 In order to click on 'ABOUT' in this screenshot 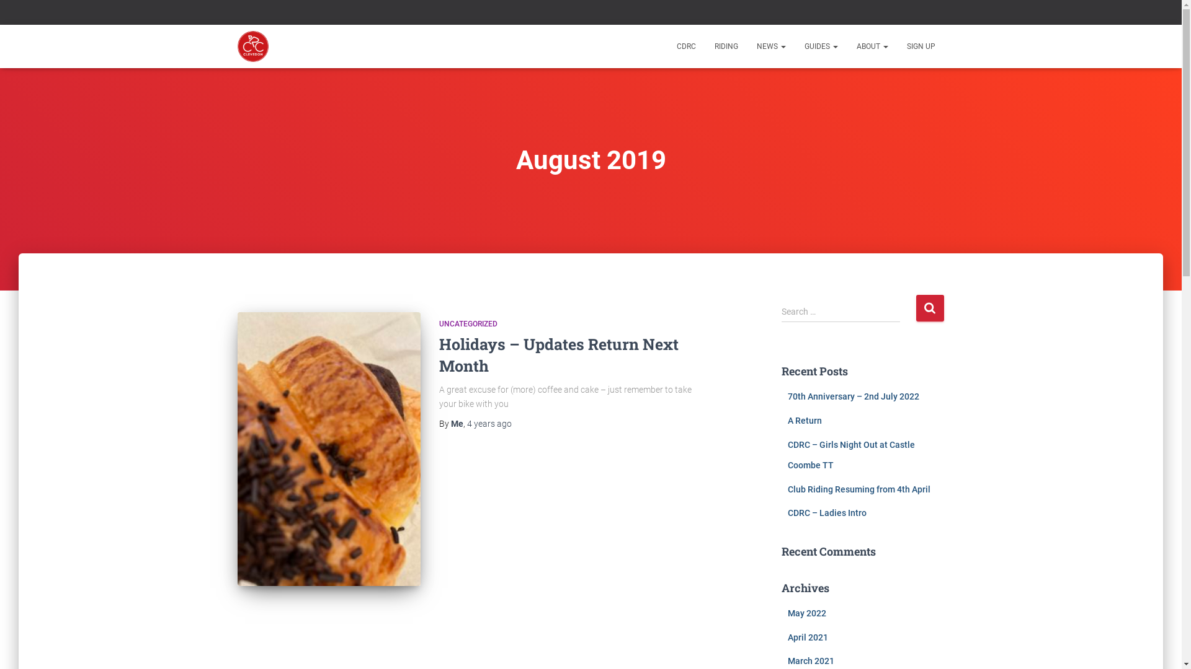, I will do `click(847, 45)`.